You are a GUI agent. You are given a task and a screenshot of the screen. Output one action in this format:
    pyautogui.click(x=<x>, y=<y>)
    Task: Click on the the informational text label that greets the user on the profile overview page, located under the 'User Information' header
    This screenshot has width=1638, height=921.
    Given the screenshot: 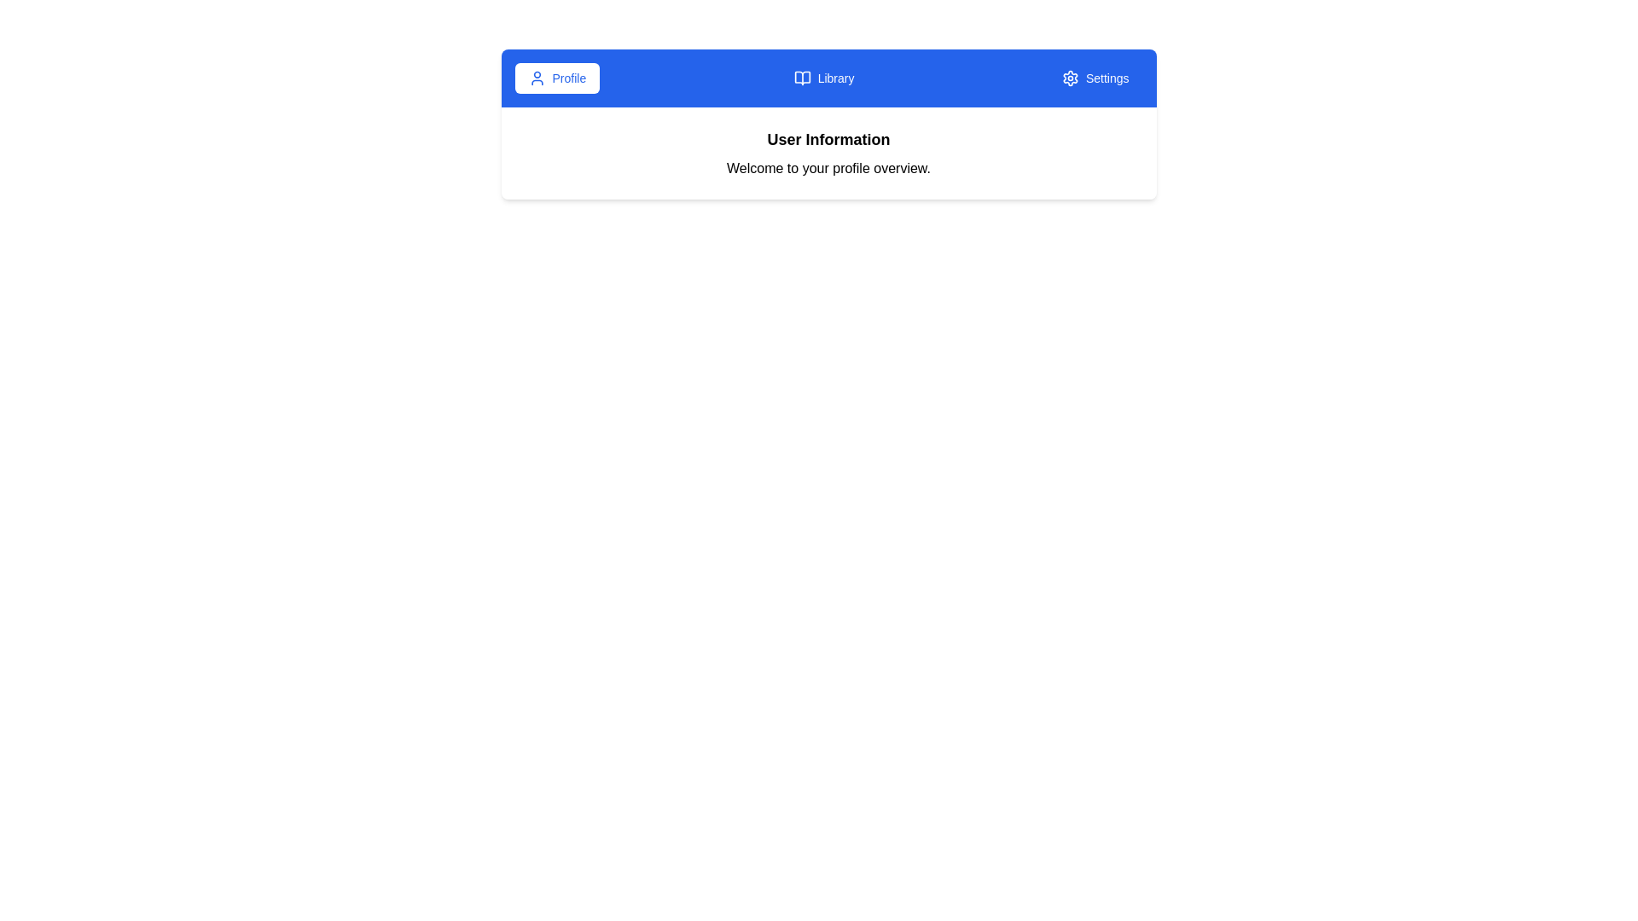 What is the action you would take?
    pyautogui.click(x=828, y=168)
    